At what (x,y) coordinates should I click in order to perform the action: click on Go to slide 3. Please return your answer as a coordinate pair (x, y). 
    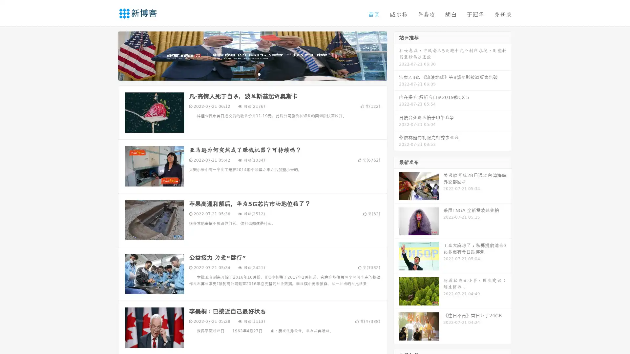
    Looking at the image, I should click on (259, 74).